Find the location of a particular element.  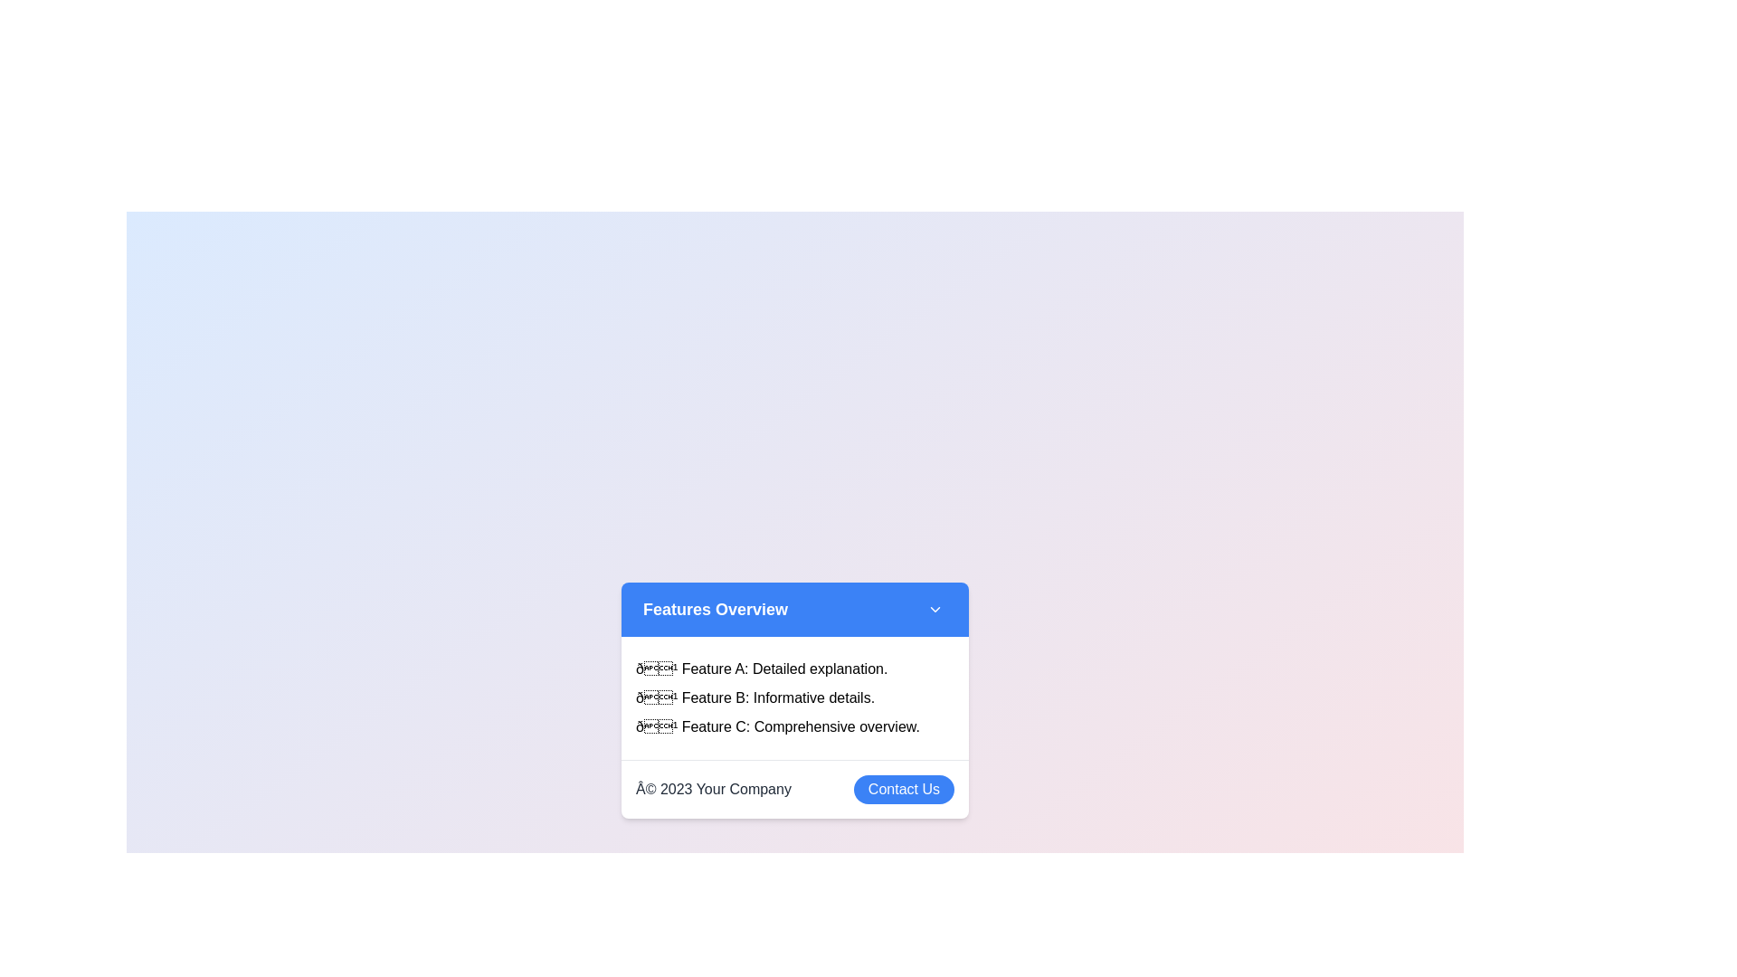

the informational text element presenting details of Feature B, which is the second item in the vertical list under the header 'Features Overview' is located at coordinates (794, 697).